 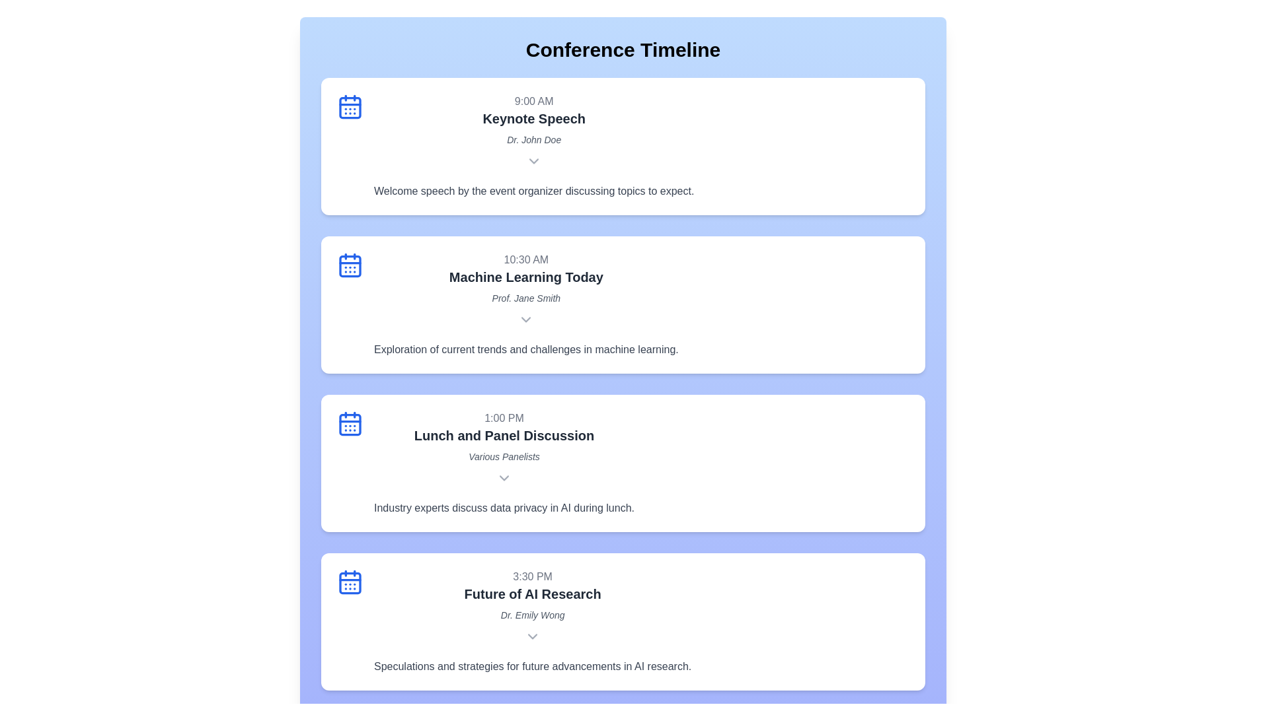 I want to click on the first section card in the schedule list displaying a time, title, speaker name, description, and a downward-facing chevron icon, so click(x=533, y=147).